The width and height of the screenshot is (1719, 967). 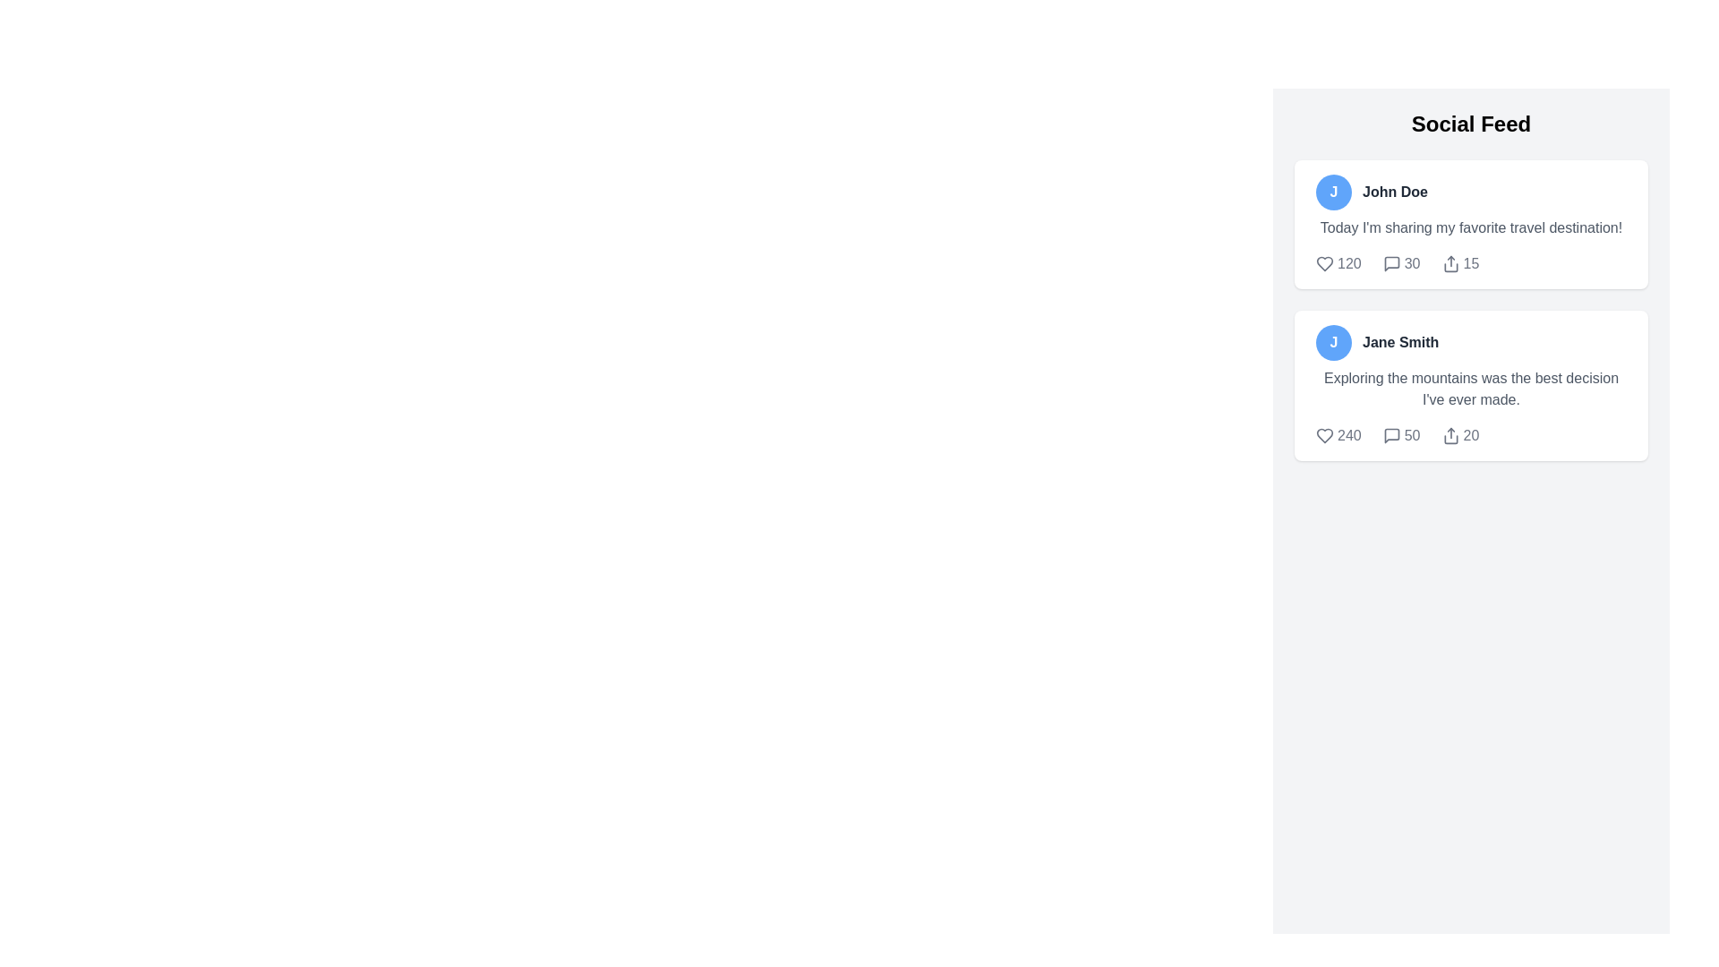 What do you see at coordinates (1399, 342) in the screenshot?
I see `the text label displaying the user's name` at bounding box center [1399, 342].